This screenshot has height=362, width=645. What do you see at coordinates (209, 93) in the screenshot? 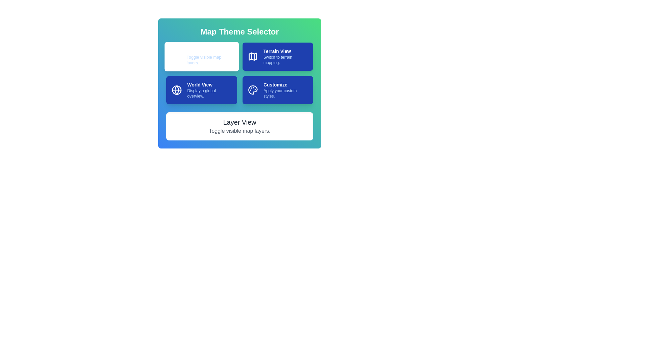
I see `the text label that provides supplementary information about the 'World View' option, located at the bottom of the 'World View' section within the dark blue rectangular tile` at bounding box center [209, 93].